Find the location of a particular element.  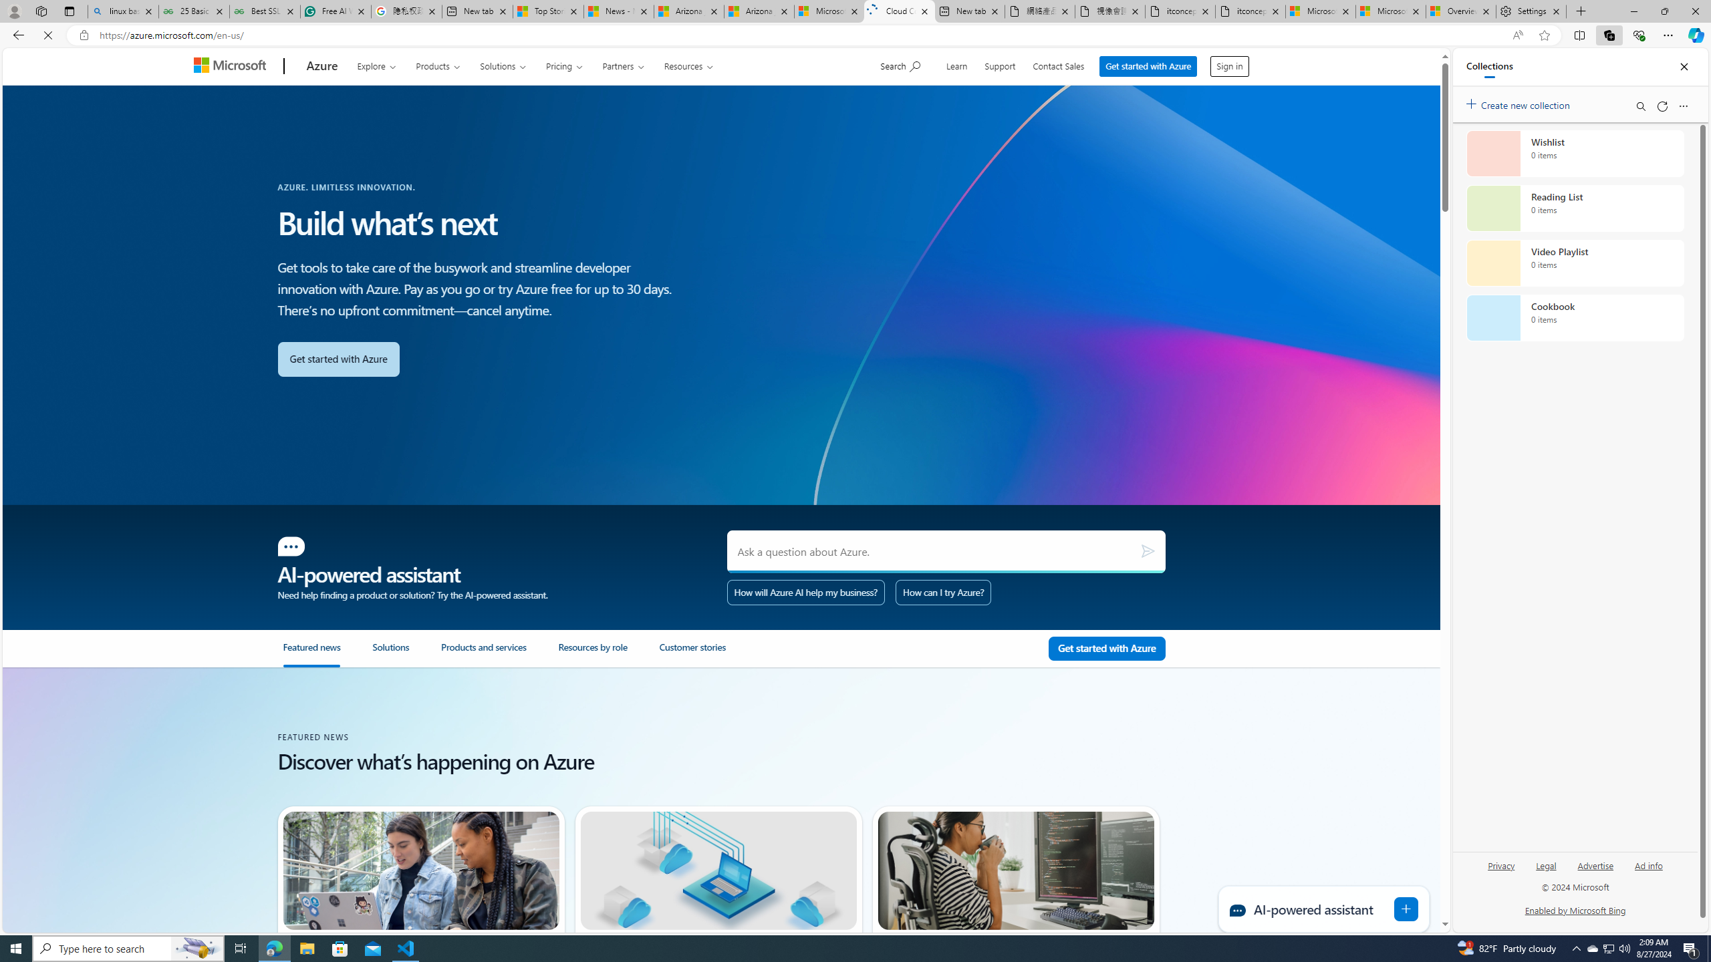

'Wishlist collection, 0 items' is located at coordinates (1575, 153).